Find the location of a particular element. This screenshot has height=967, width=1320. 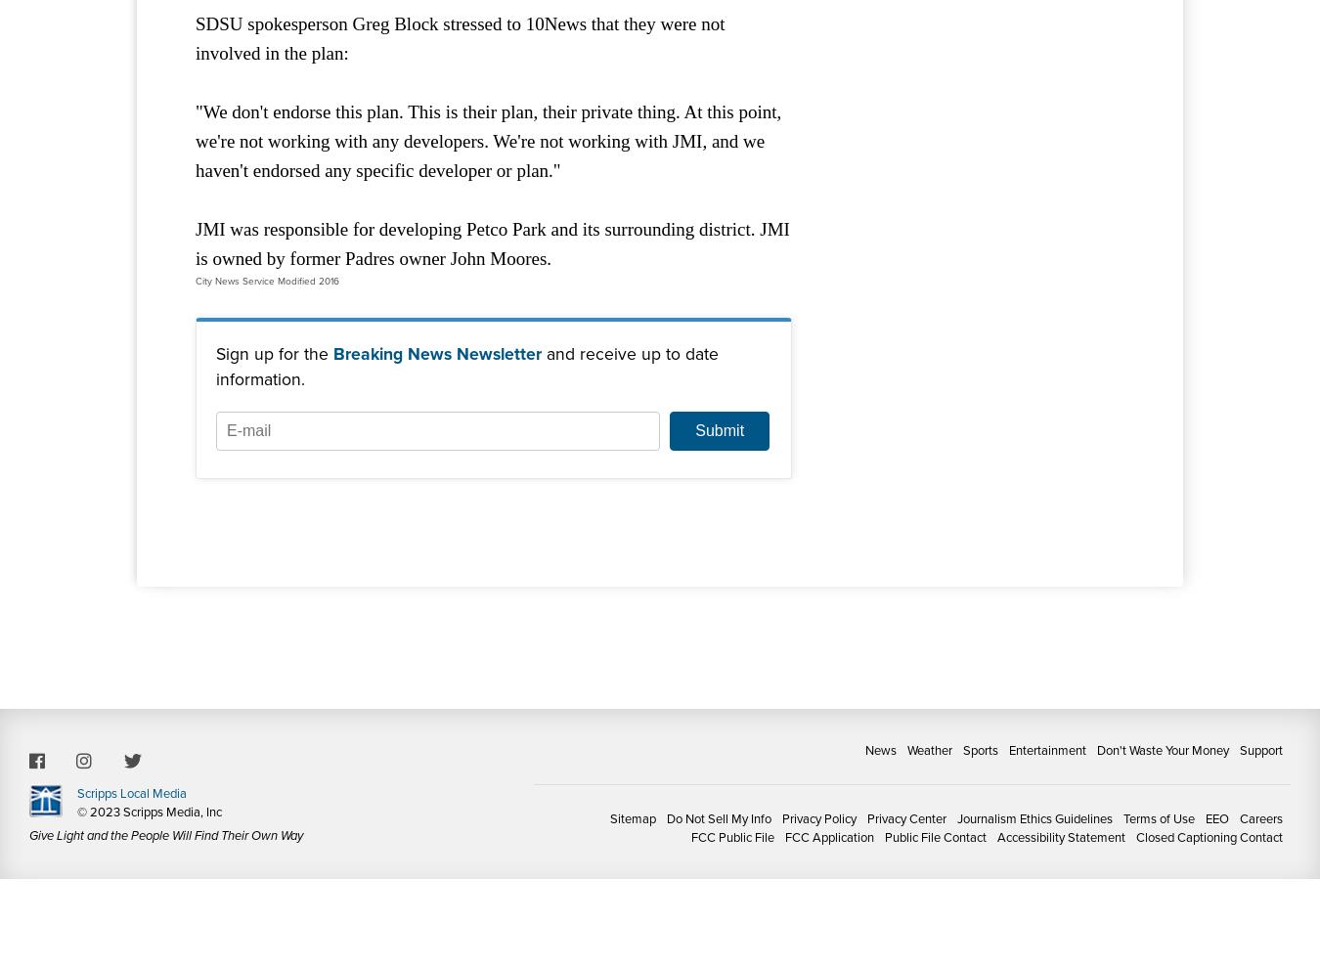

'Public File Contact' is located at coordinates (935, 836).